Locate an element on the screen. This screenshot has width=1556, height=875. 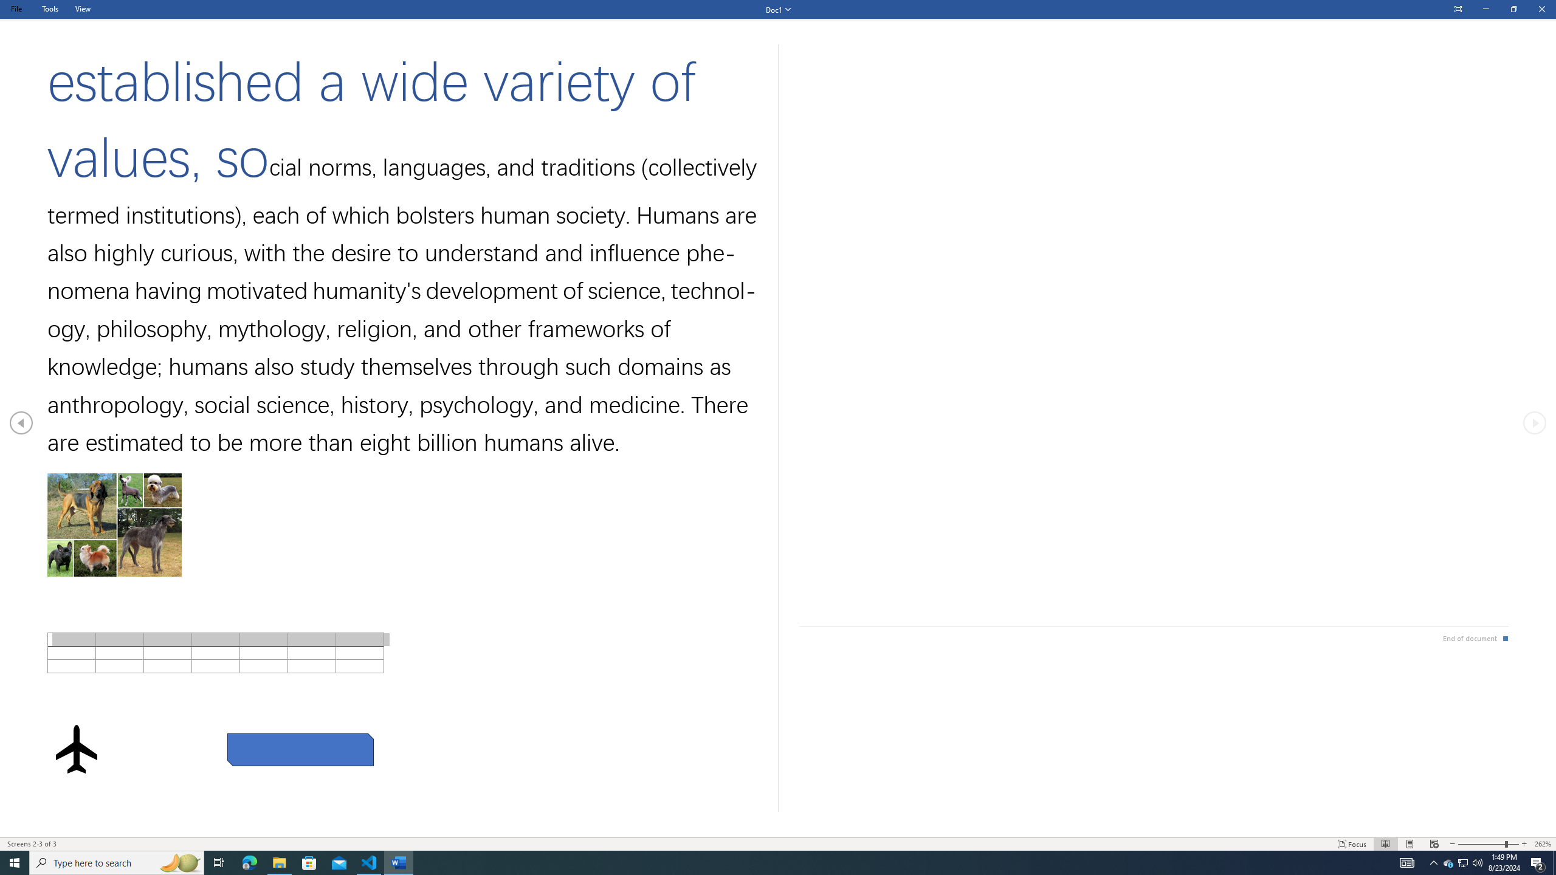
'Airplane with solid fill' is located at coordinates (76, 749).